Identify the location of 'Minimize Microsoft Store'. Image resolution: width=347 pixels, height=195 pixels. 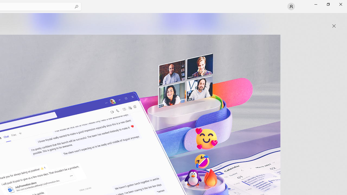
(316, 4).